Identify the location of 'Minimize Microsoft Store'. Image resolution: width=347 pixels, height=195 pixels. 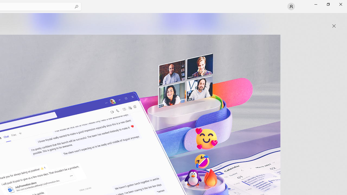
(316, 4).